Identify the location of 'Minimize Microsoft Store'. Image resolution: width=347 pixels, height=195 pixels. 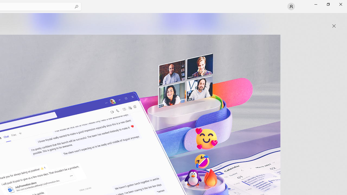
(316, 4).